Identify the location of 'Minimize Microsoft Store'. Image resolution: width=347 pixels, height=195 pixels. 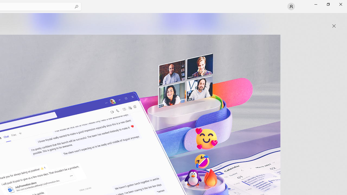
(316, 4).